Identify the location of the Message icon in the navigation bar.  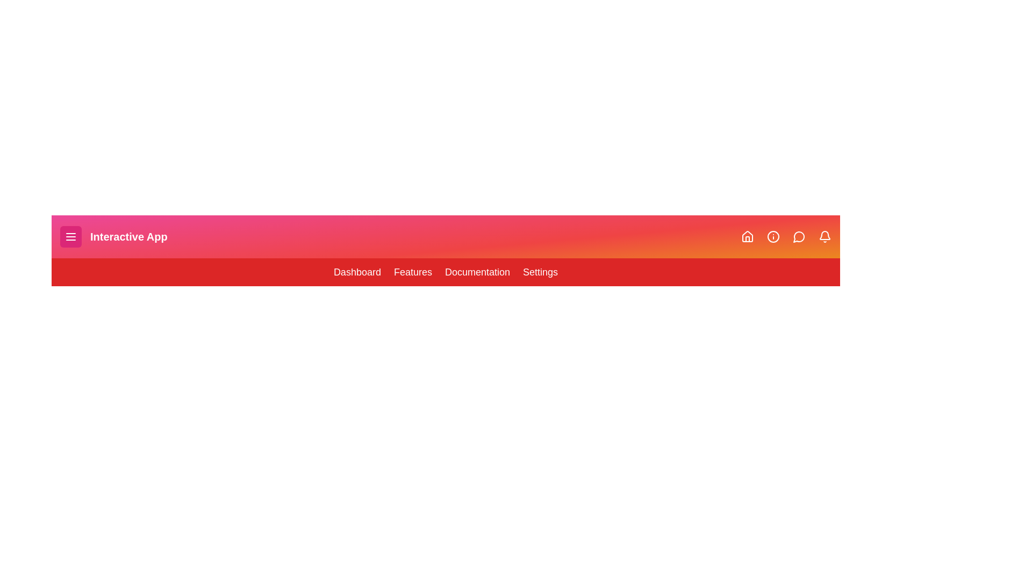
(799, 236).